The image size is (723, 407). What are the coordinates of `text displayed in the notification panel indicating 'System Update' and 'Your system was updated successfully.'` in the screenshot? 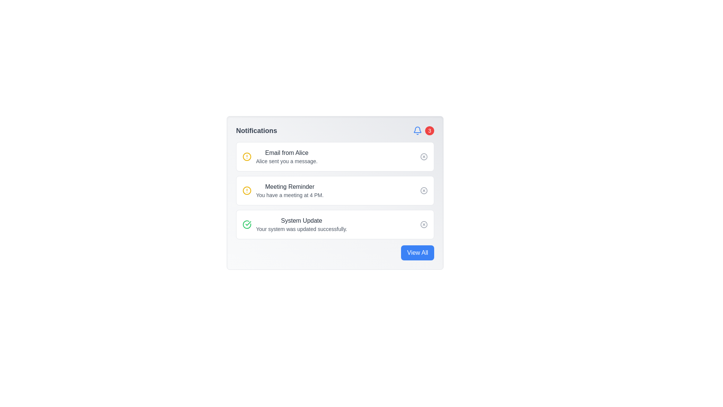 It's located at (302, 224).